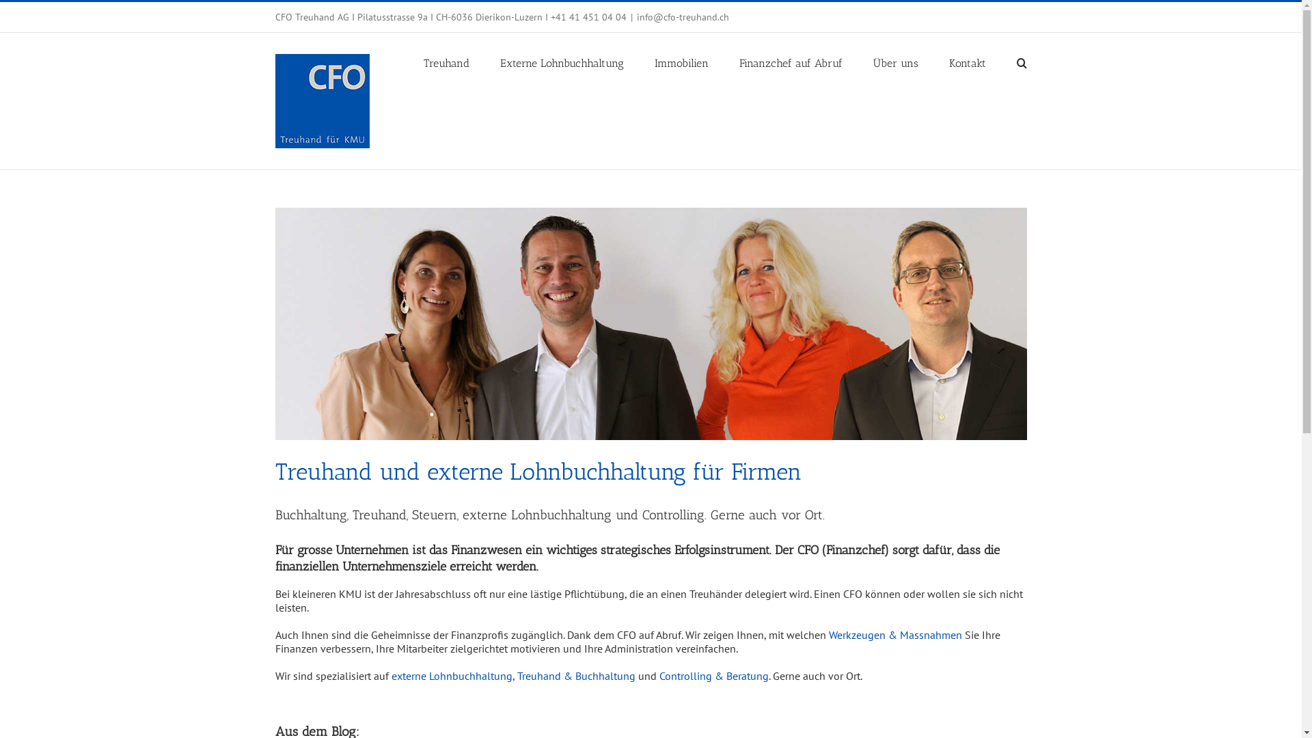 This screenshot has height=738, width=1312. I want to click on 'Treuhand', so click(422, 62).